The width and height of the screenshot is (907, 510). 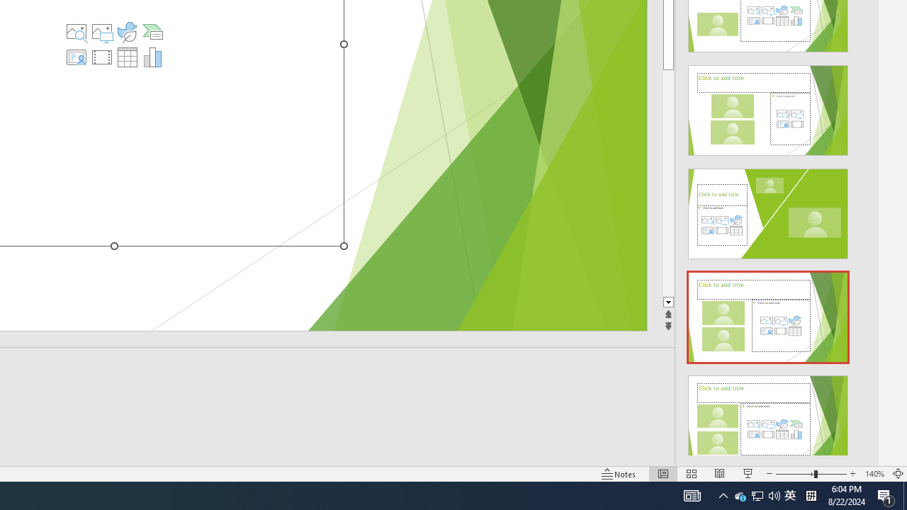 I want to click on 'Insert Cameo', so click(x=76, y=57).